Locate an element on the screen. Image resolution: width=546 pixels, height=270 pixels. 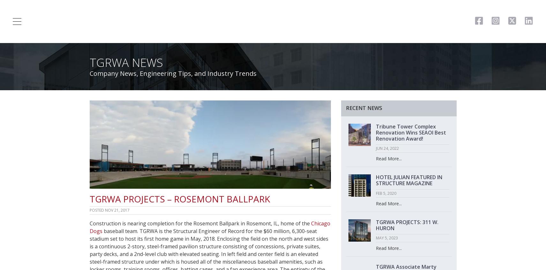
'TGRWA Projects – Rosemont Ballpark' is located at coordinates (179, 198).